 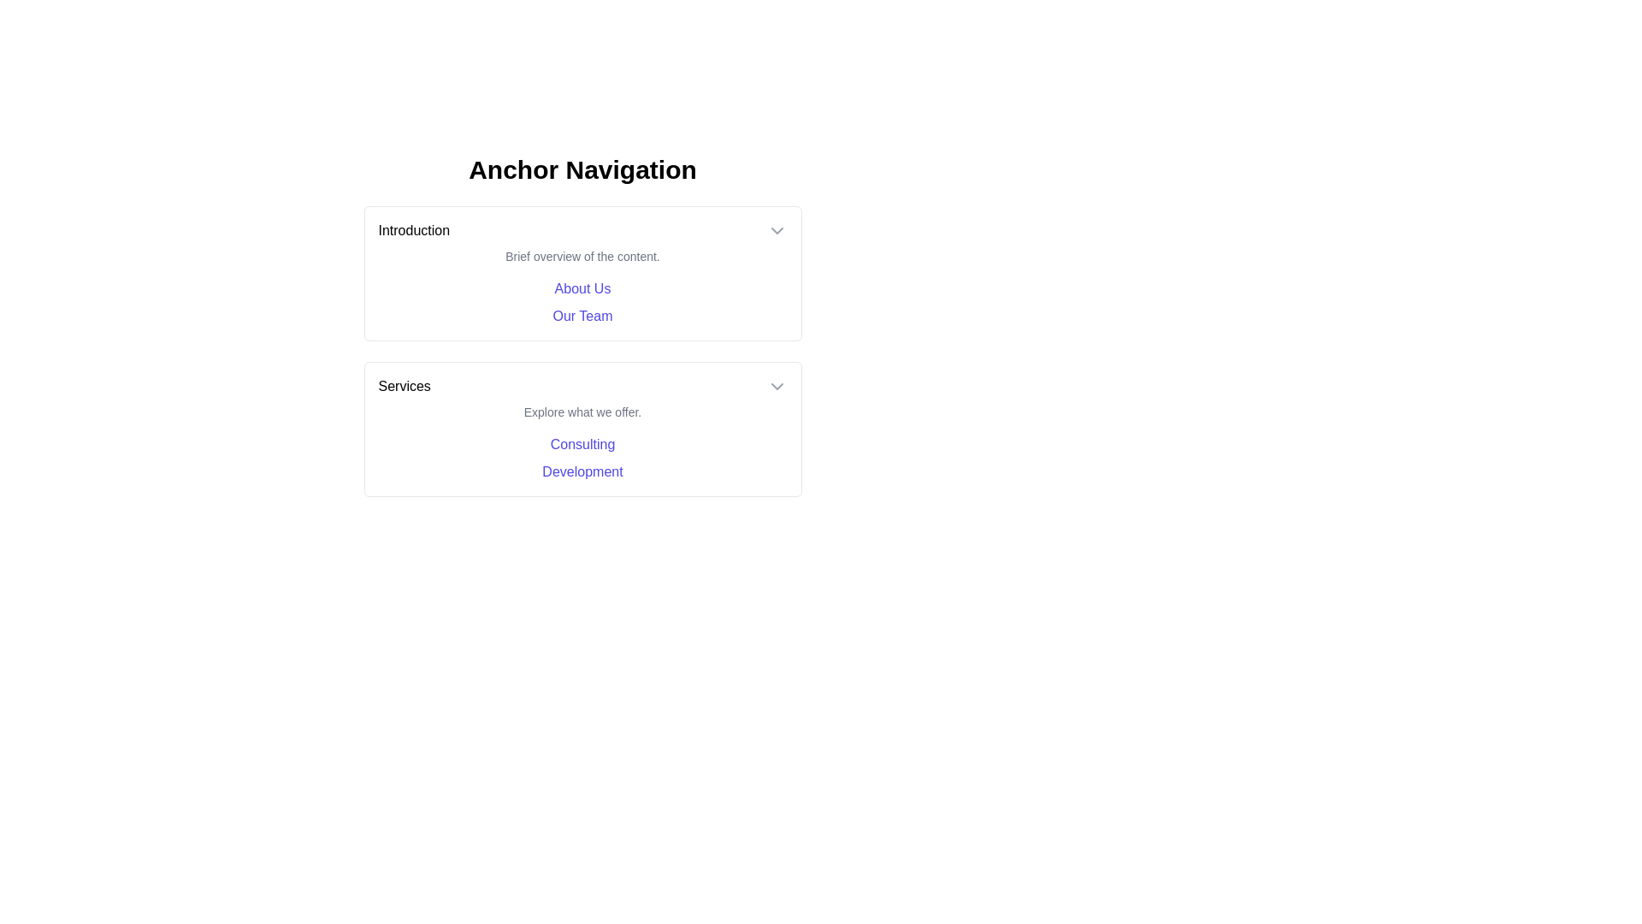 What do you see at coordinates (582, 412) in the screenshot?
I see `the label with the text 'Explore what we offer.' which is located under the 'Services' title and above the links 'Consulting' and 'Development'` at bounding box center [582, 412].